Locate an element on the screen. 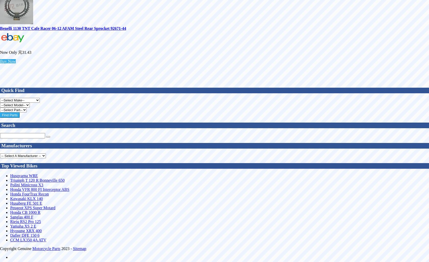  'Honda VFR 800 FI Interceptor ABS' is located at coordinates (40, 189).